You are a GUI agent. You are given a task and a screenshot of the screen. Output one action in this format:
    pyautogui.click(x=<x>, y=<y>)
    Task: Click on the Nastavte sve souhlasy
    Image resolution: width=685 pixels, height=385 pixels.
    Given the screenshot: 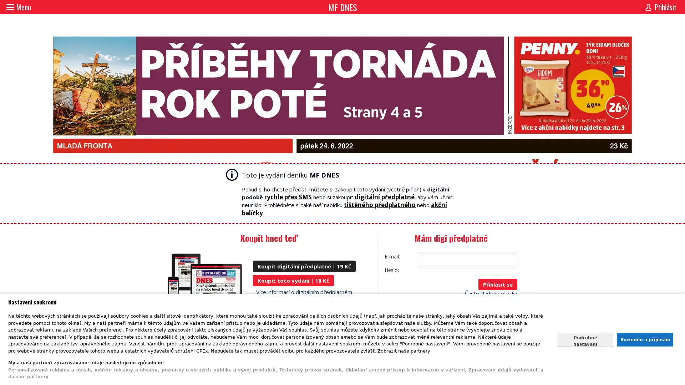 What is the action you would take?
    pyautogui.click(x=585, y=339)
    